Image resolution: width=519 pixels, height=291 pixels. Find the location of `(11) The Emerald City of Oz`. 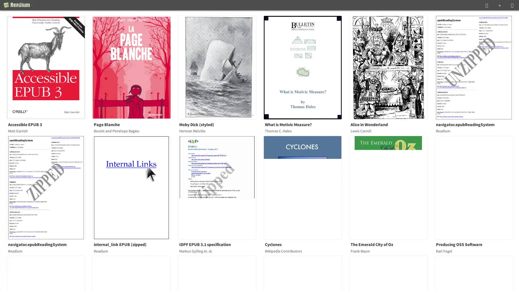

(11) The Emerald City of Oz is located at coordinates (391, 187).